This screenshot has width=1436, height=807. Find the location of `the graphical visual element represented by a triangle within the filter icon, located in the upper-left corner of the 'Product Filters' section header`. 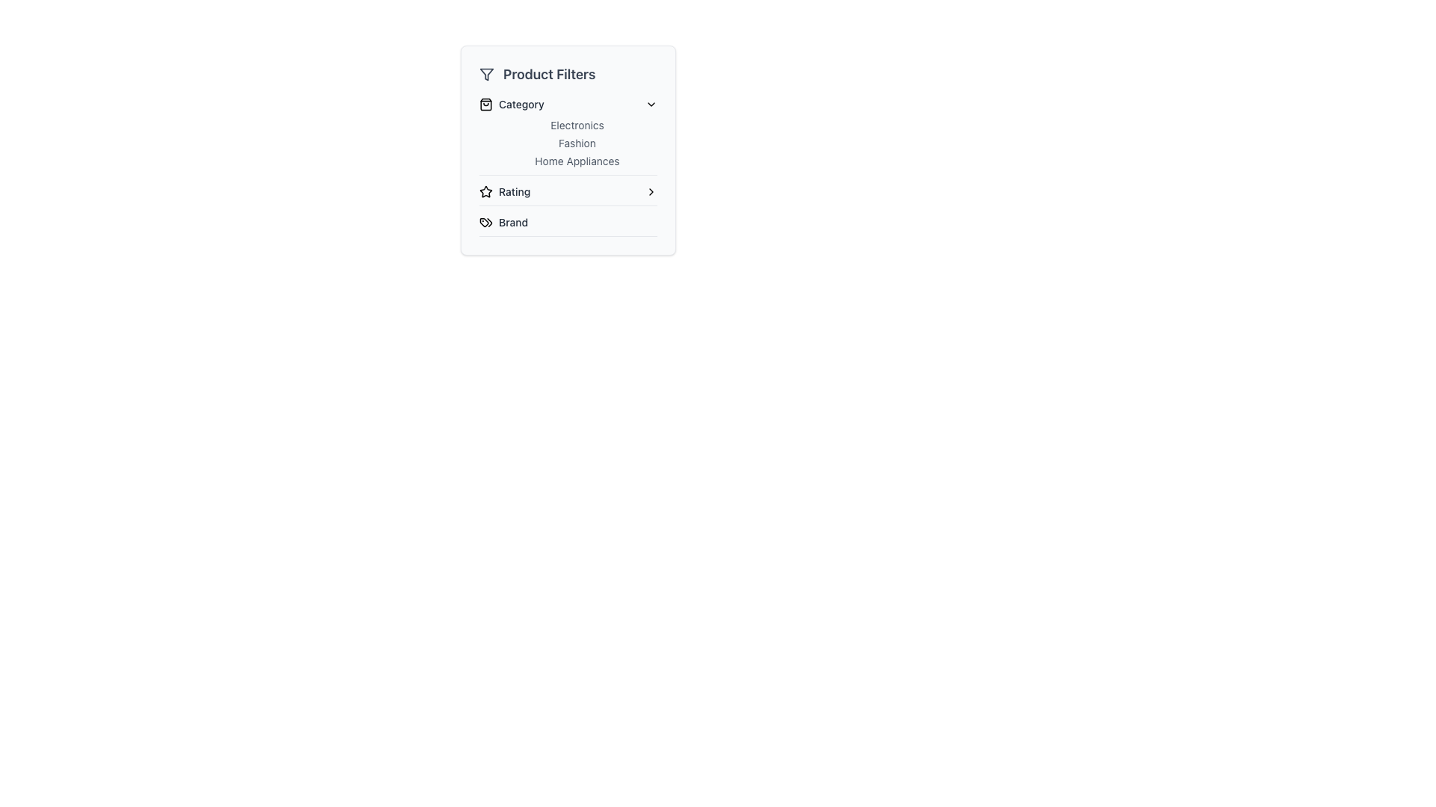

the graphical visual element represented by a triangle within the filter icon, located in the upper-left corner of the 'Product Filters' section header is located at coordinates (487, 75).